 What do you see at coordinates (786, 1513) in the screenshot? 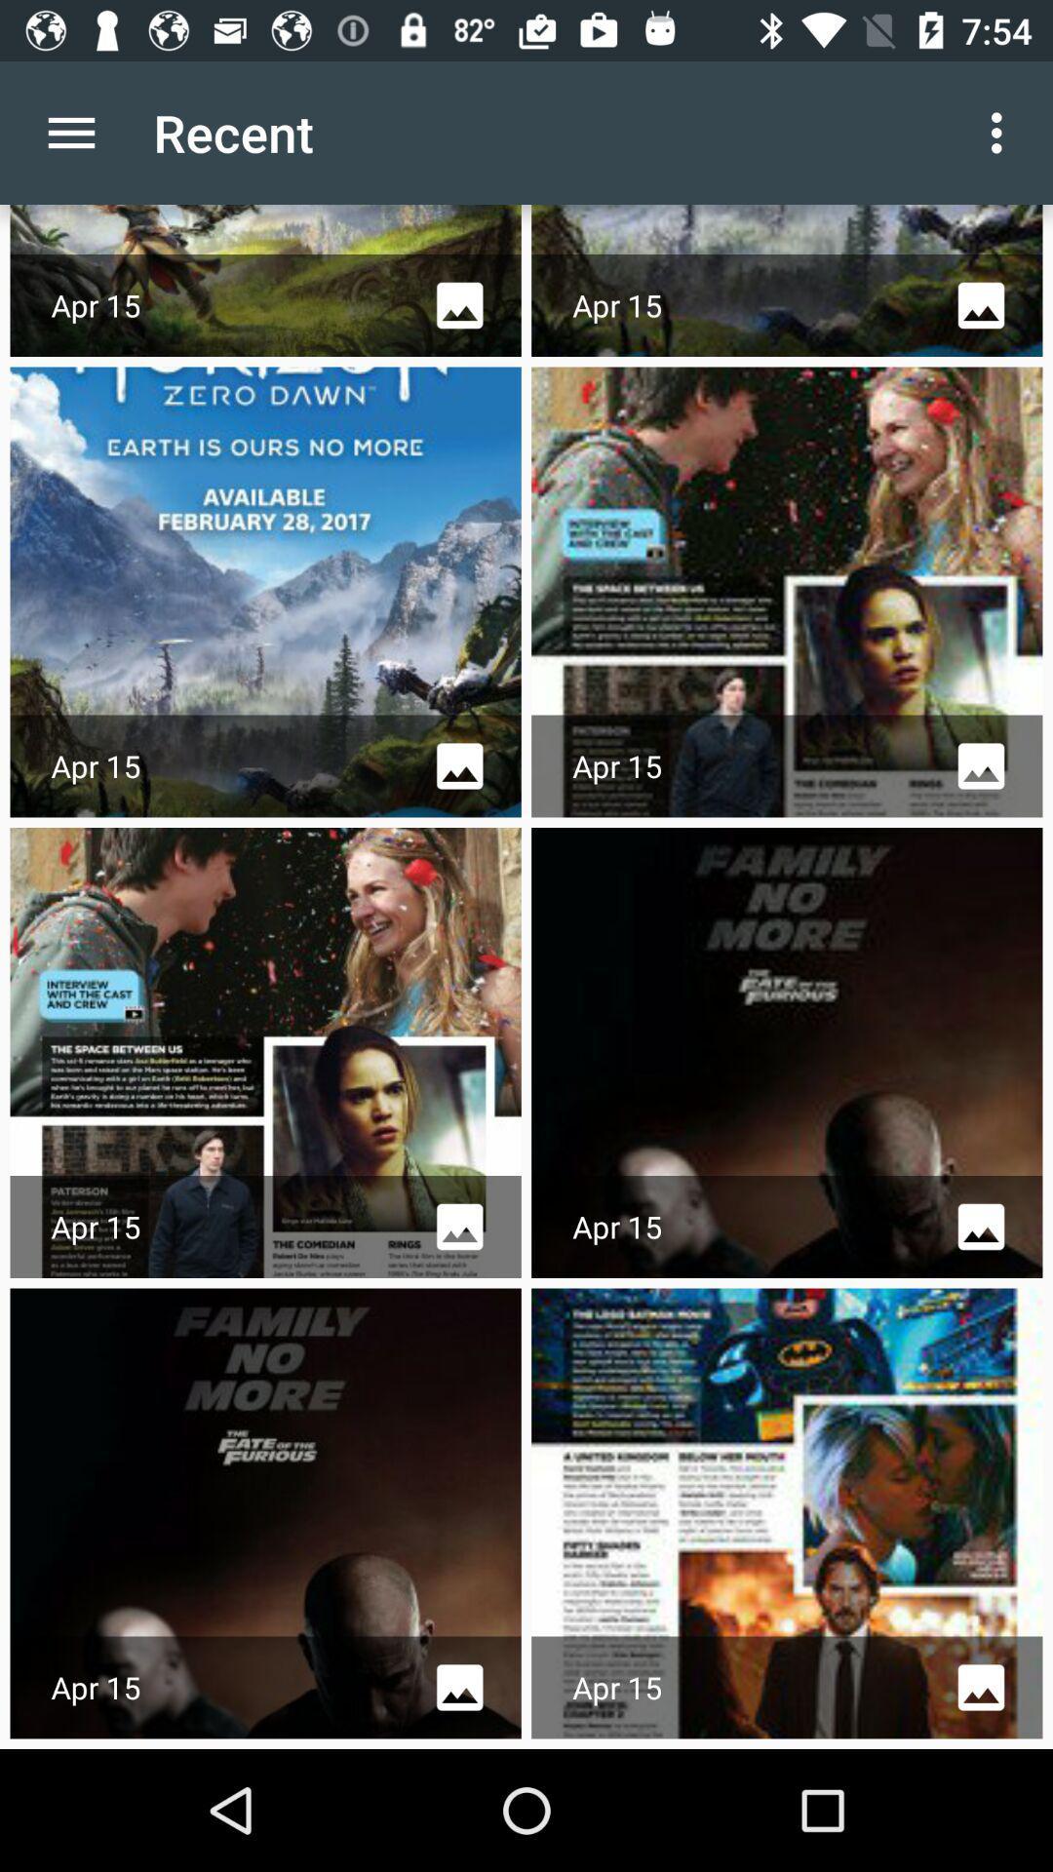
I see `the second image in the 4th row` at bounding box center [786, 1513].